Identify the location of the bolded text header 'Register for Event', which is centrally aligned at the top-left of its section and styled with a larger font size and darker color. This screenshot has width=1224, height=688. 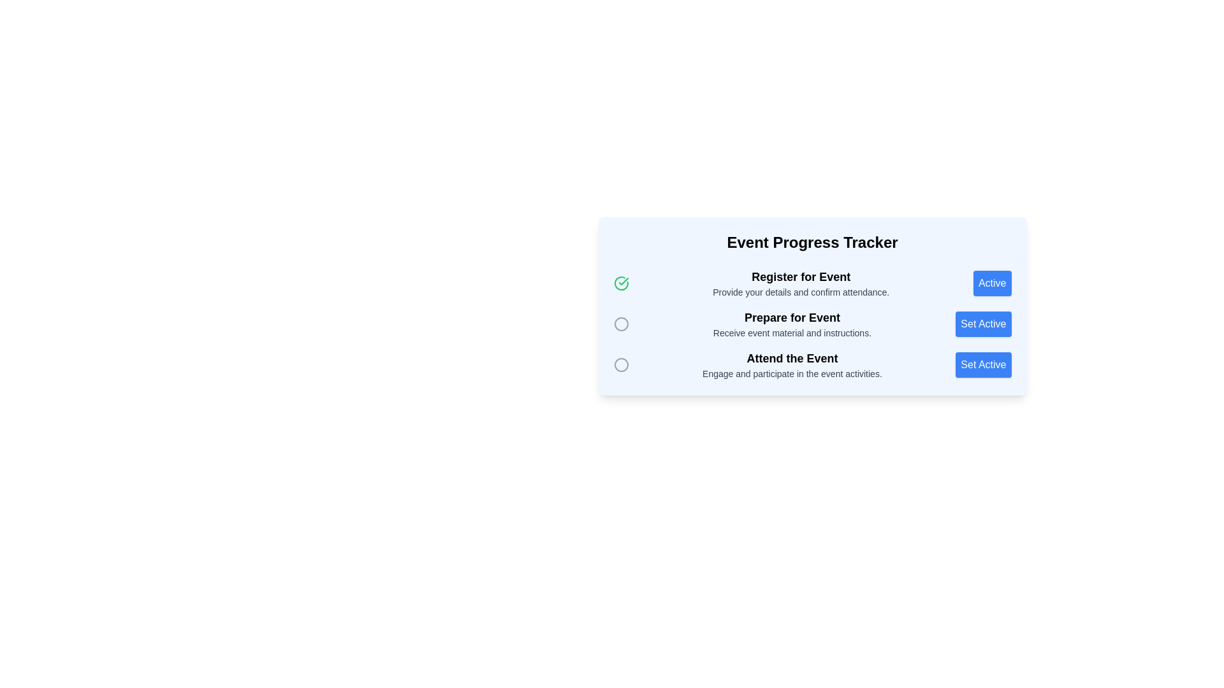
(800, 276).